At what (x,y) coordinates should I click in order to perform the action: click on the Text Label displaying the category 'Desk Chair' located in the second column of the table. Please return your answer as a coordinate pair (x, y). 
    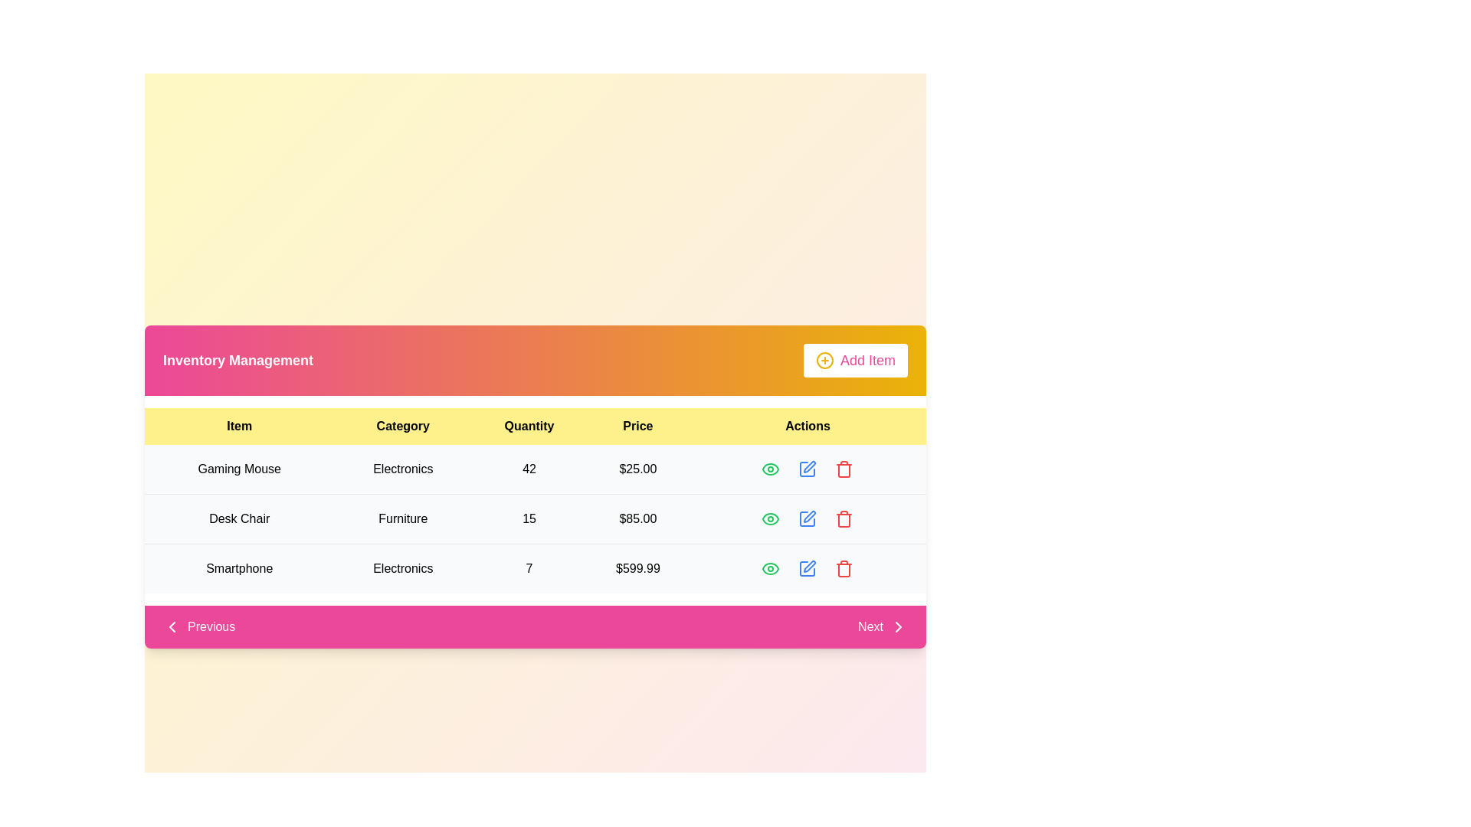
    Looking at the image, I should click on (403, 518).